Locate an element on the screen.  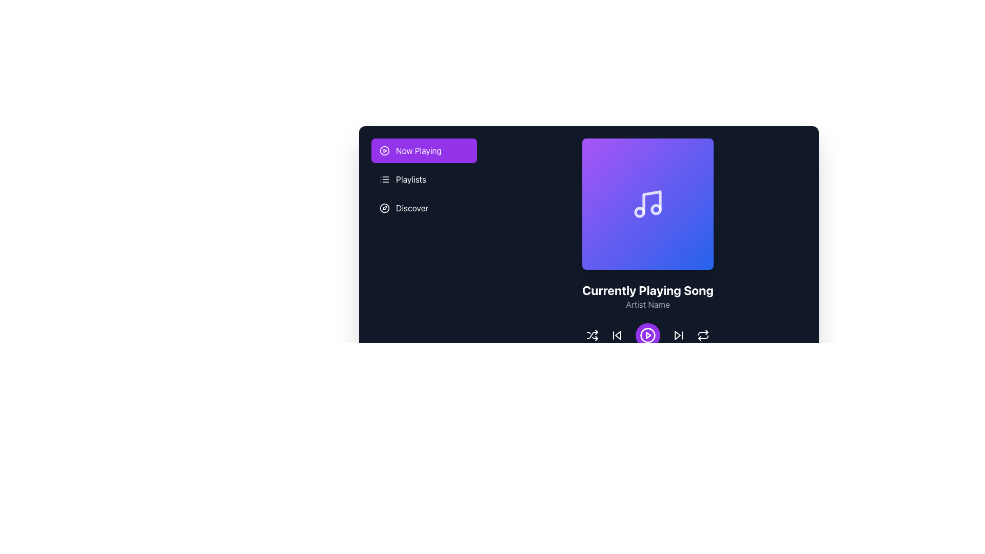
the circular button with a purple background and white play icon located in the center of the media playback controls is located at coordinates (647, 335).